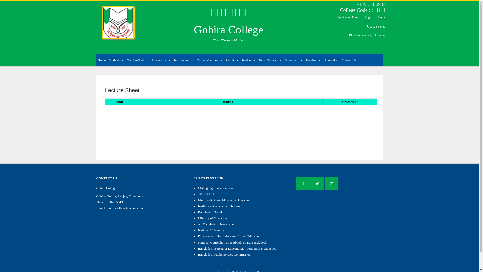  What do you see at coordinates (368, 17) in the screenshot?
I see `'Login'` at bounding box center [368, 17].